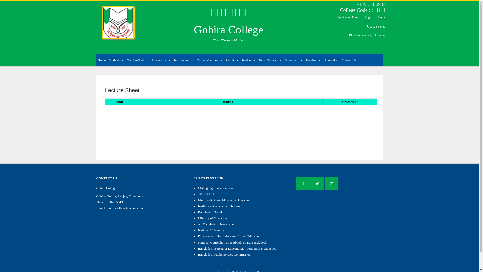  What do you see at coordinates (368, 17) in the screenshot?
I see `'Login'` at bounding box center [368, 17].